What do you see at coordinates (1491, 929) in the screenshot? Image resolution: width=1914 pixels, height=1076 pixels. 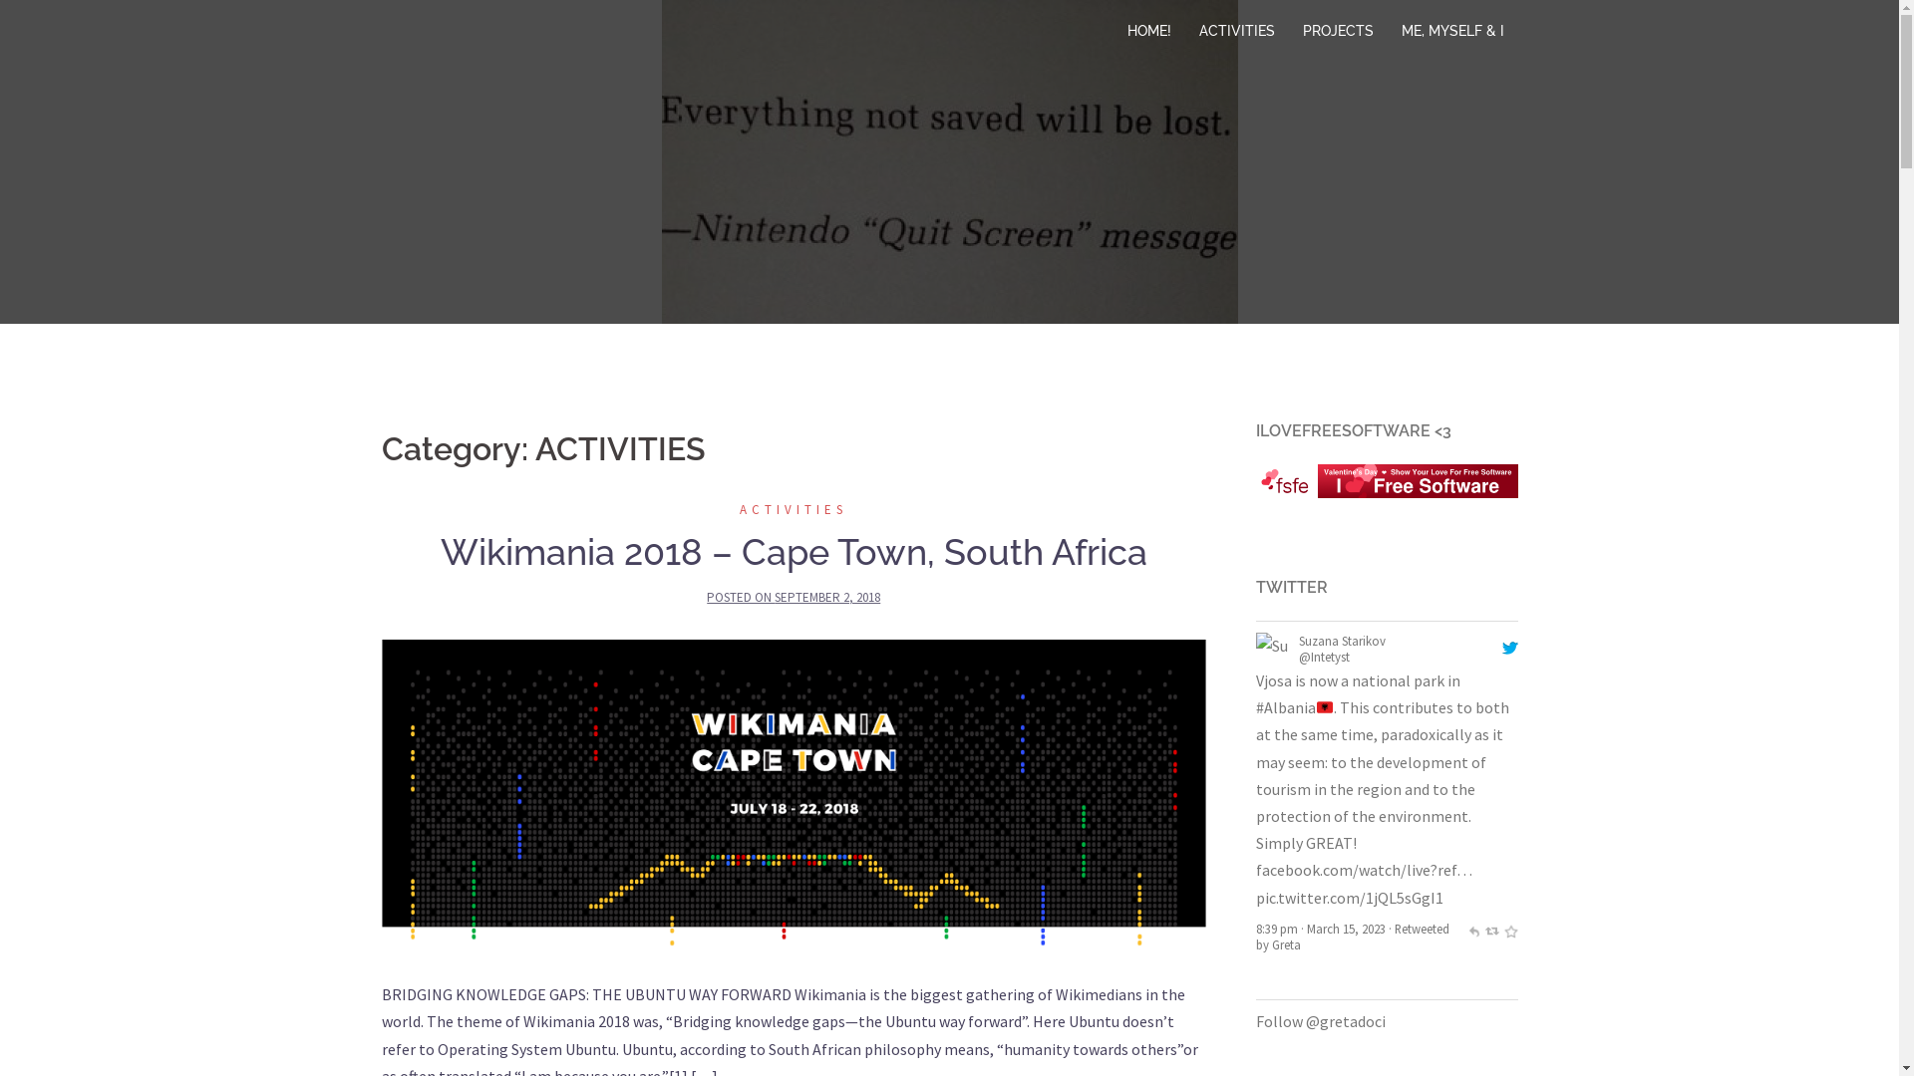 I see `'retweet'` at bounding box center [1491, 929].